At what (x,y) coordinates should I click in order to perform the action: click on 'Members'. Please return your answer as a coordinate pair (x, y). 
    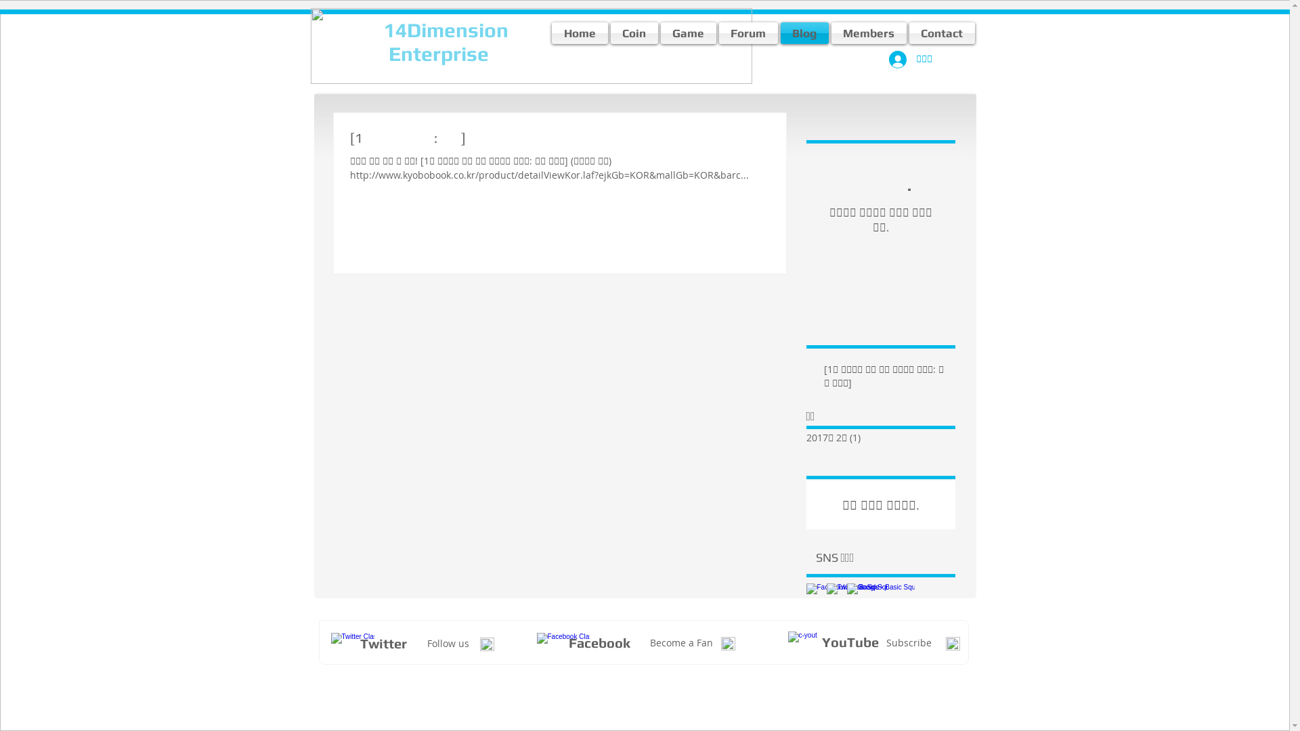
    Looking at the image, I should click on (869, 32).